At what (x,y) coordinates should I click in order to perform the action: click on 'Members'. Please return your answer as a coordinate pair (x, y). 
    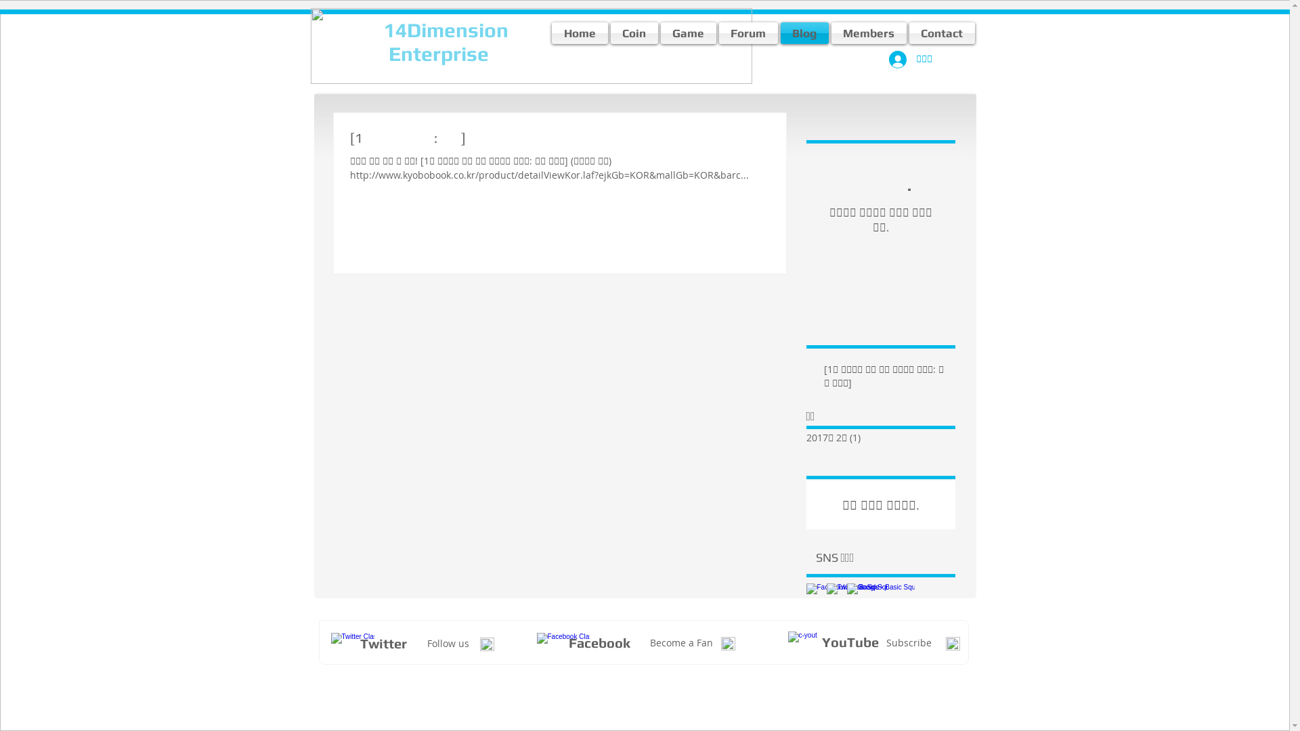
    Looking at the image, I should click on (869, 32).